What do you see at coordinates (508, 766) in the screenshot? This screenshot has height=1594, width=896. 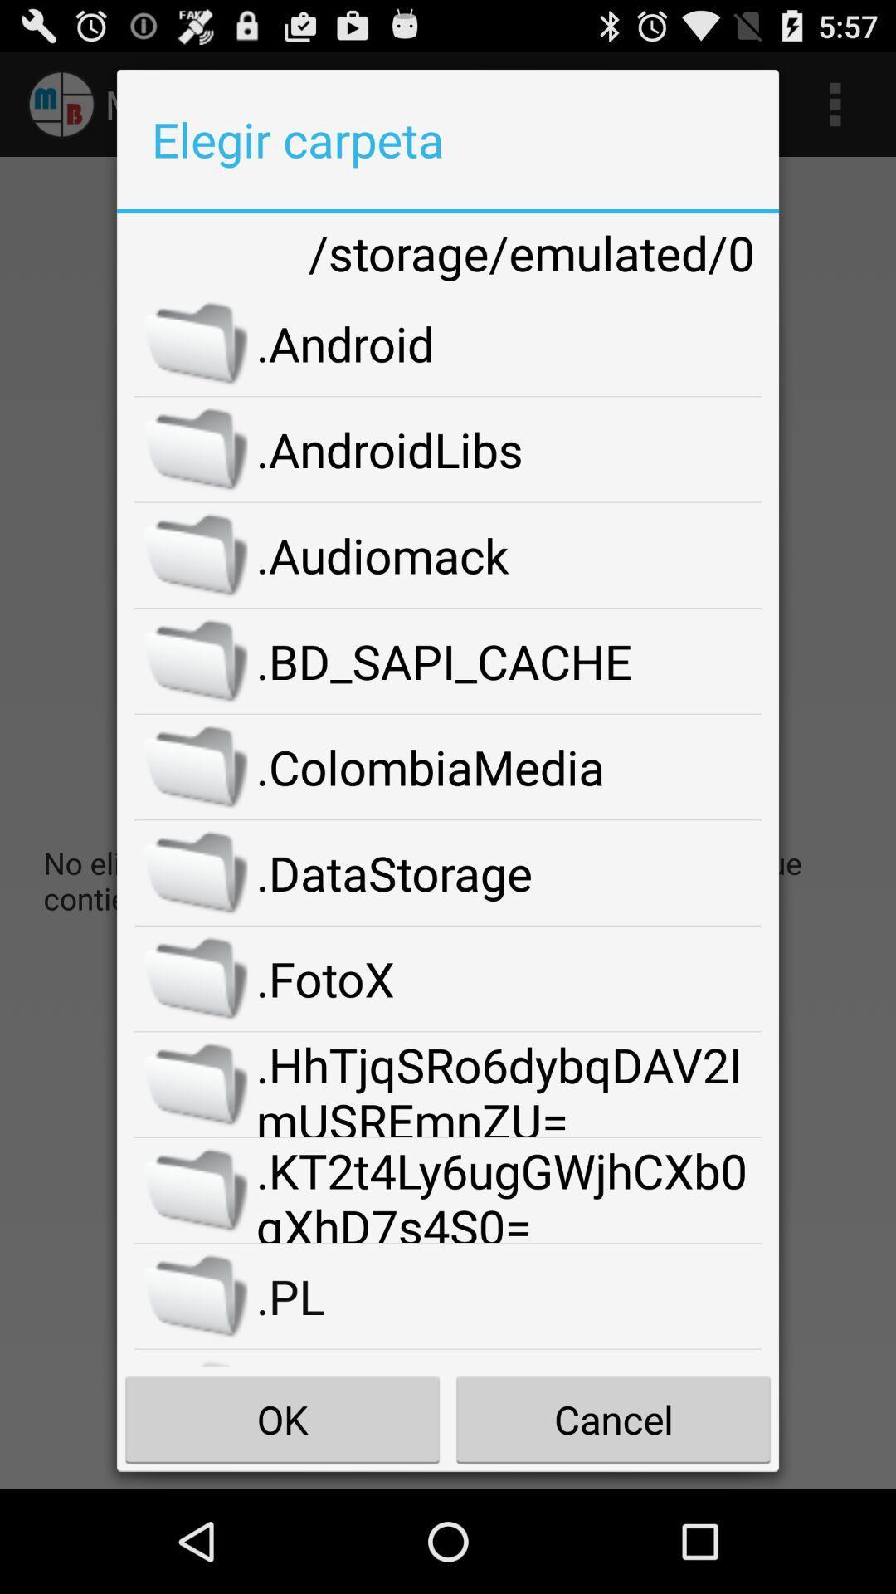 I see `.colombiamedia` at bounding box center [508, 766].